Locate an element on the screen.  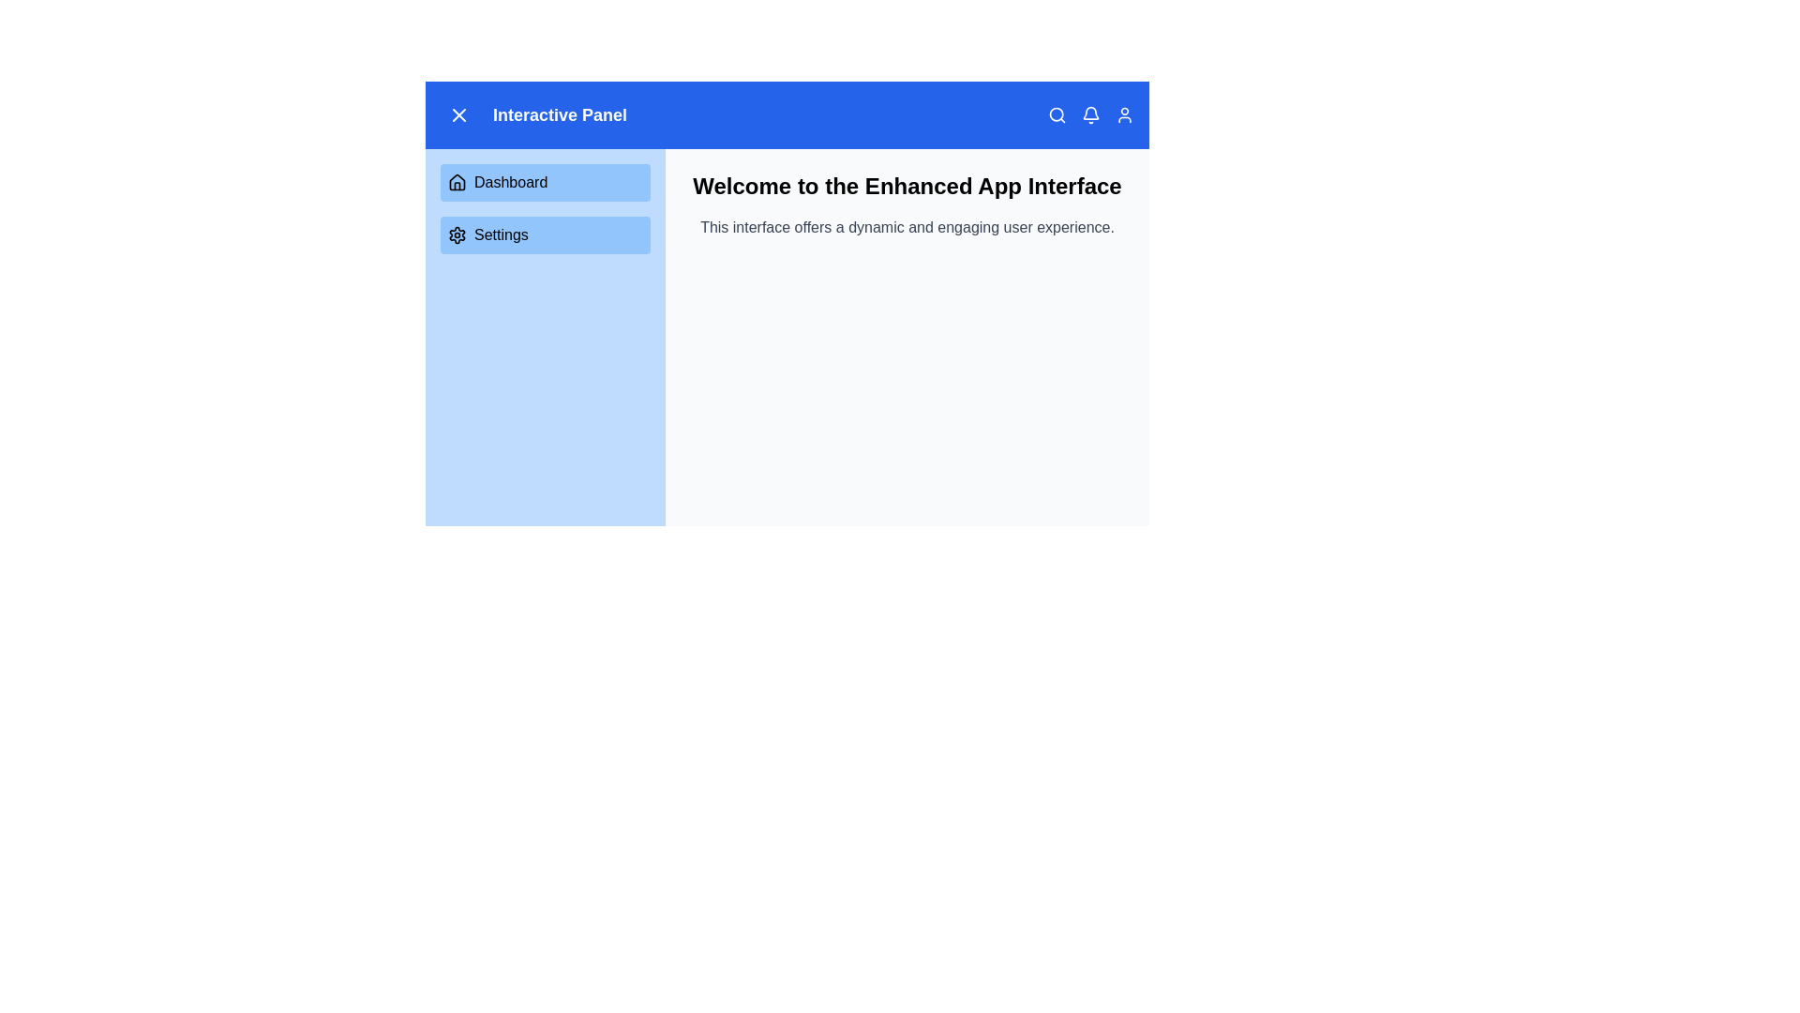
the user account icon located in the top-right corner of the blue navigation bar, following the bell icon is located at coordinates (1125, 115).